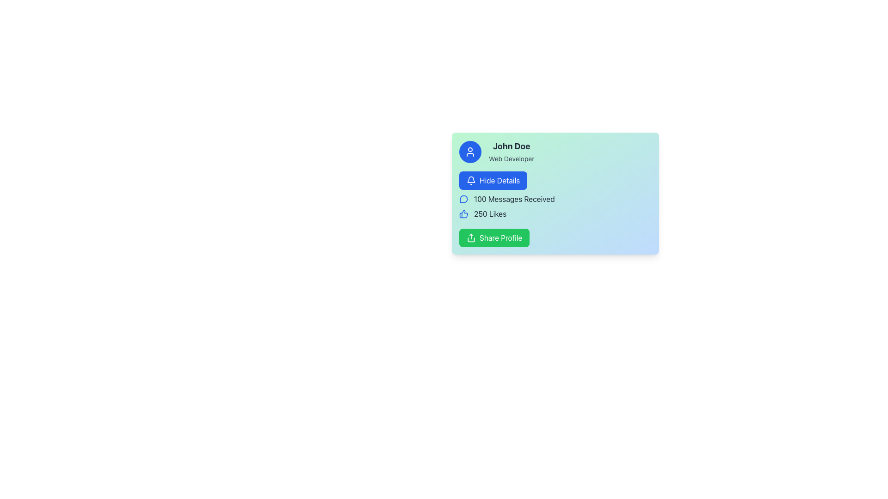 The image size is (888, 499). Describe the element at coordinates (464, 199) in the screenshot. I see `the circular icon with a hollow blue message bubble outline located to the left of the text '100 Messages Received'` at that location.